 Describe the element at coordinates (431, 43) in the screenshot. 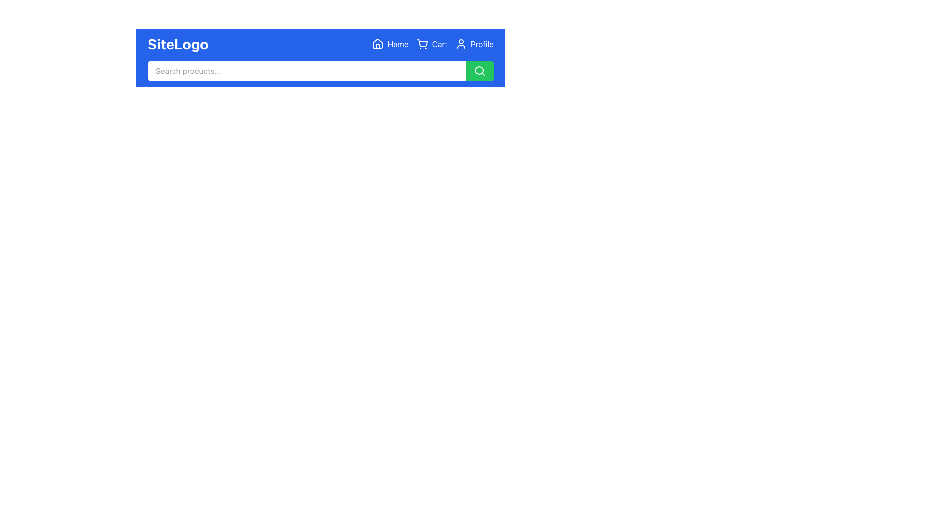

I see `the 'Cart' button located in the navigation bar, which is the second interactive item` at that location.